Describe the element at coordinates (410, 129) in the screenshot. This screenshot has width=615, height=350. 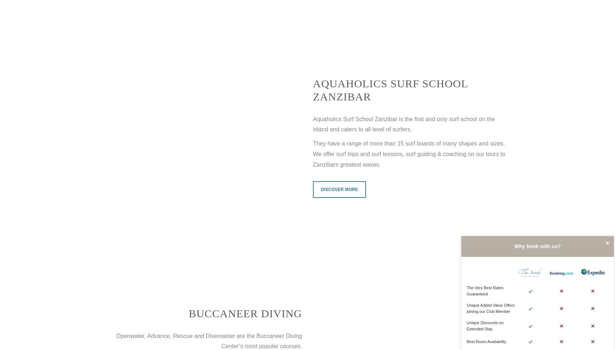
I see `'.'` at that location.